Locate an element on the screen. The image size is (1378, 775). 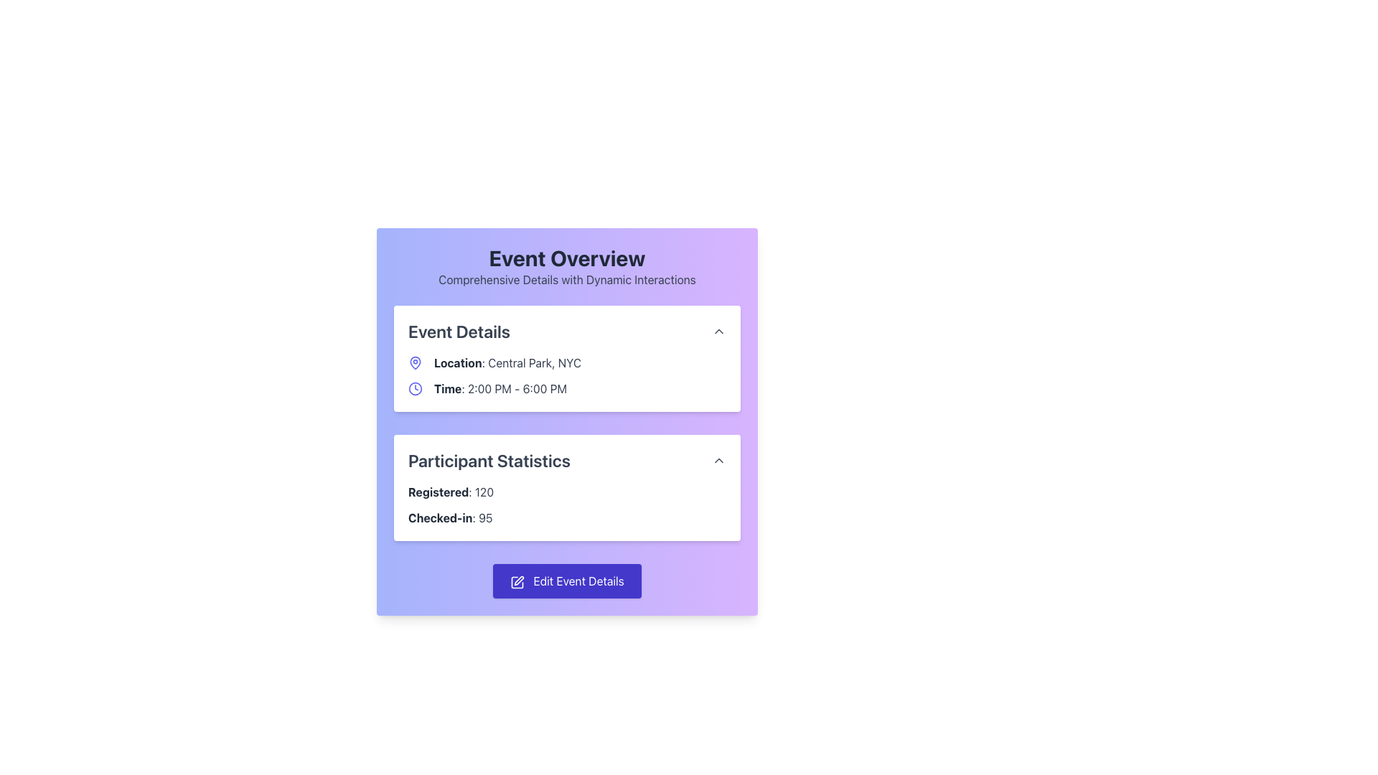
the label indicating the time range '2:00 PM - 6:00 PM' in the 'Event Details' section is located at coordinates (447, 389).